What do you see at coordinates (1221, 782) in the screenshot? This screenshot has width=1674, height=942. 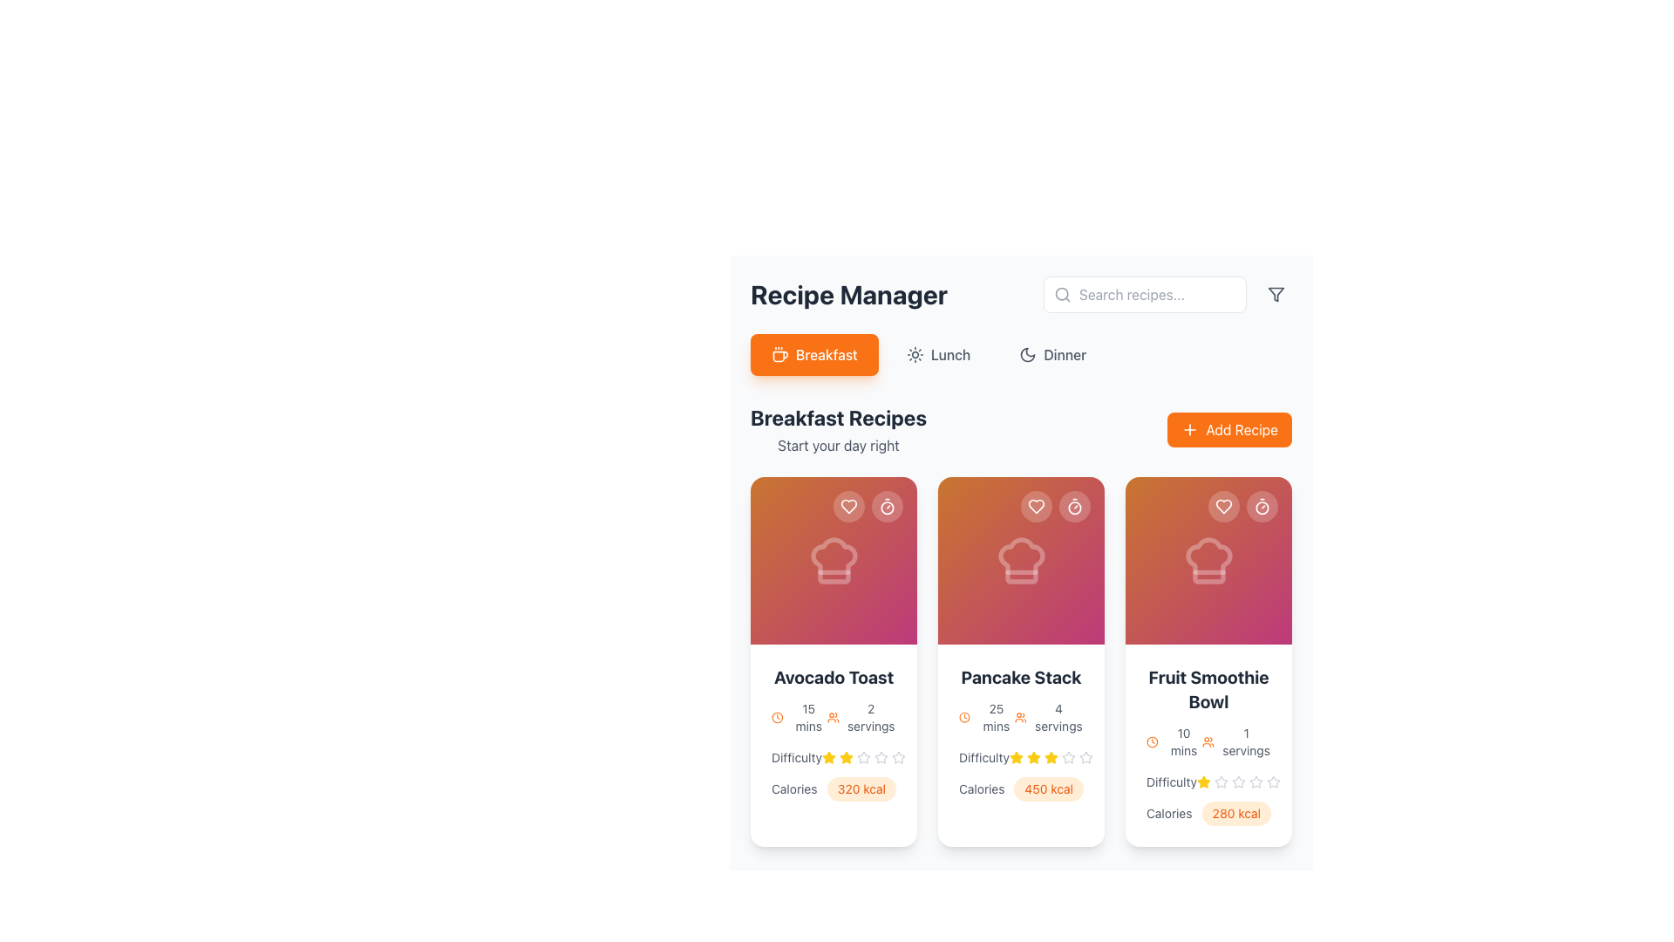 I see `the third unselected star icon in the difficulty rating section of the 'Fruit Smoothie Bowl' recipe card` at bounding box center [1221, 782].